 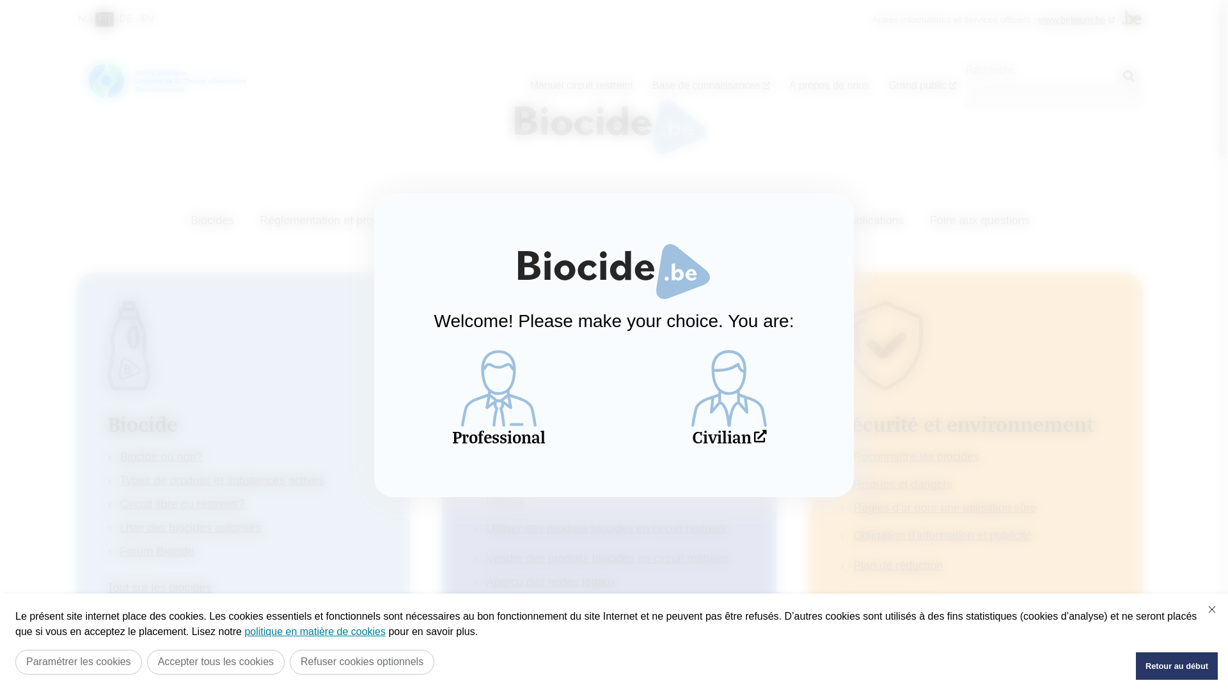 I want to click on 'Professional', so click(x=498, y=397).